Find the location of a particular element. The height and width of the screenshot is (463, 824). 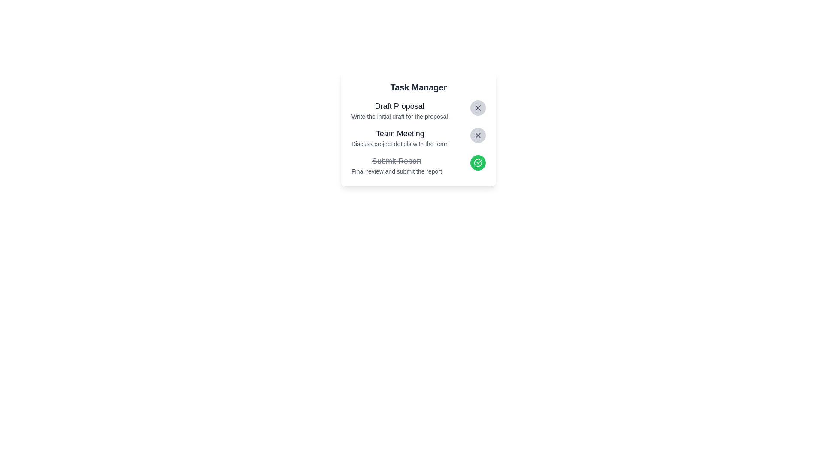

the Task item titled 'Submit Report' with a strikethrough title and a green circular completion button with a checkmark icon, which is the third item in the 'Task Manager' list is located at coordinates (418, 165).